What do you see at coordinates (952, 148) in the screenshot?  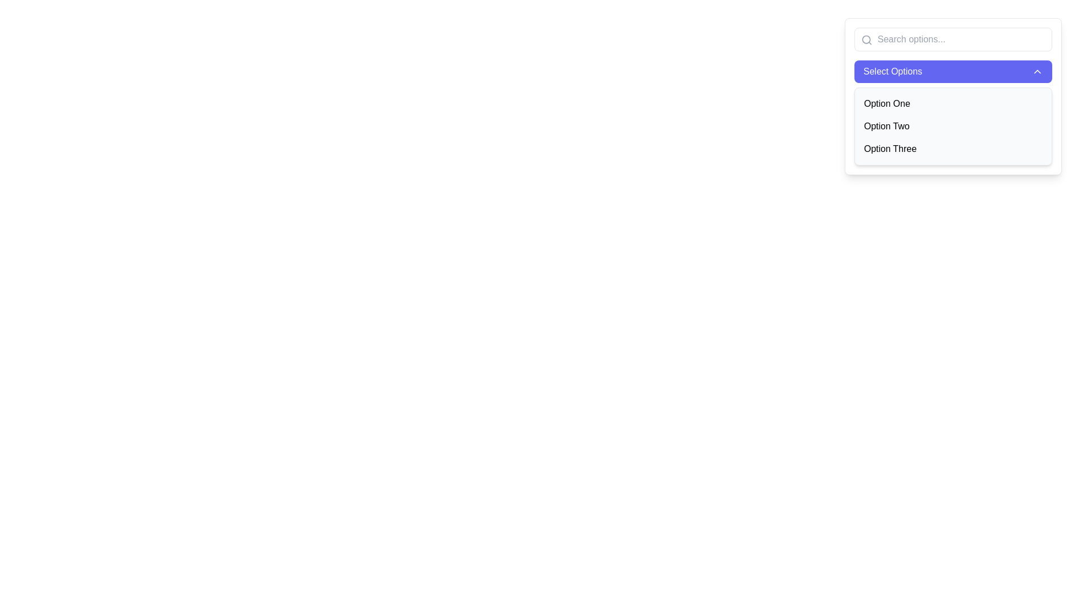 I see `to select the list item labeled 'Option Three', which is the third item in a vertical list displayed in bold font` at bounding box center [952, 148].